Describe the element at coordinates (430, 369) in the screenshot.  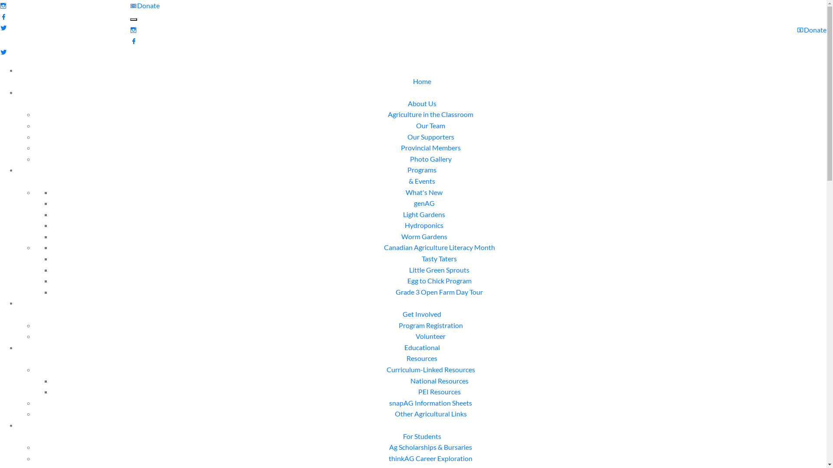
I see `'Curriculum-Linked Resources'` at that location.